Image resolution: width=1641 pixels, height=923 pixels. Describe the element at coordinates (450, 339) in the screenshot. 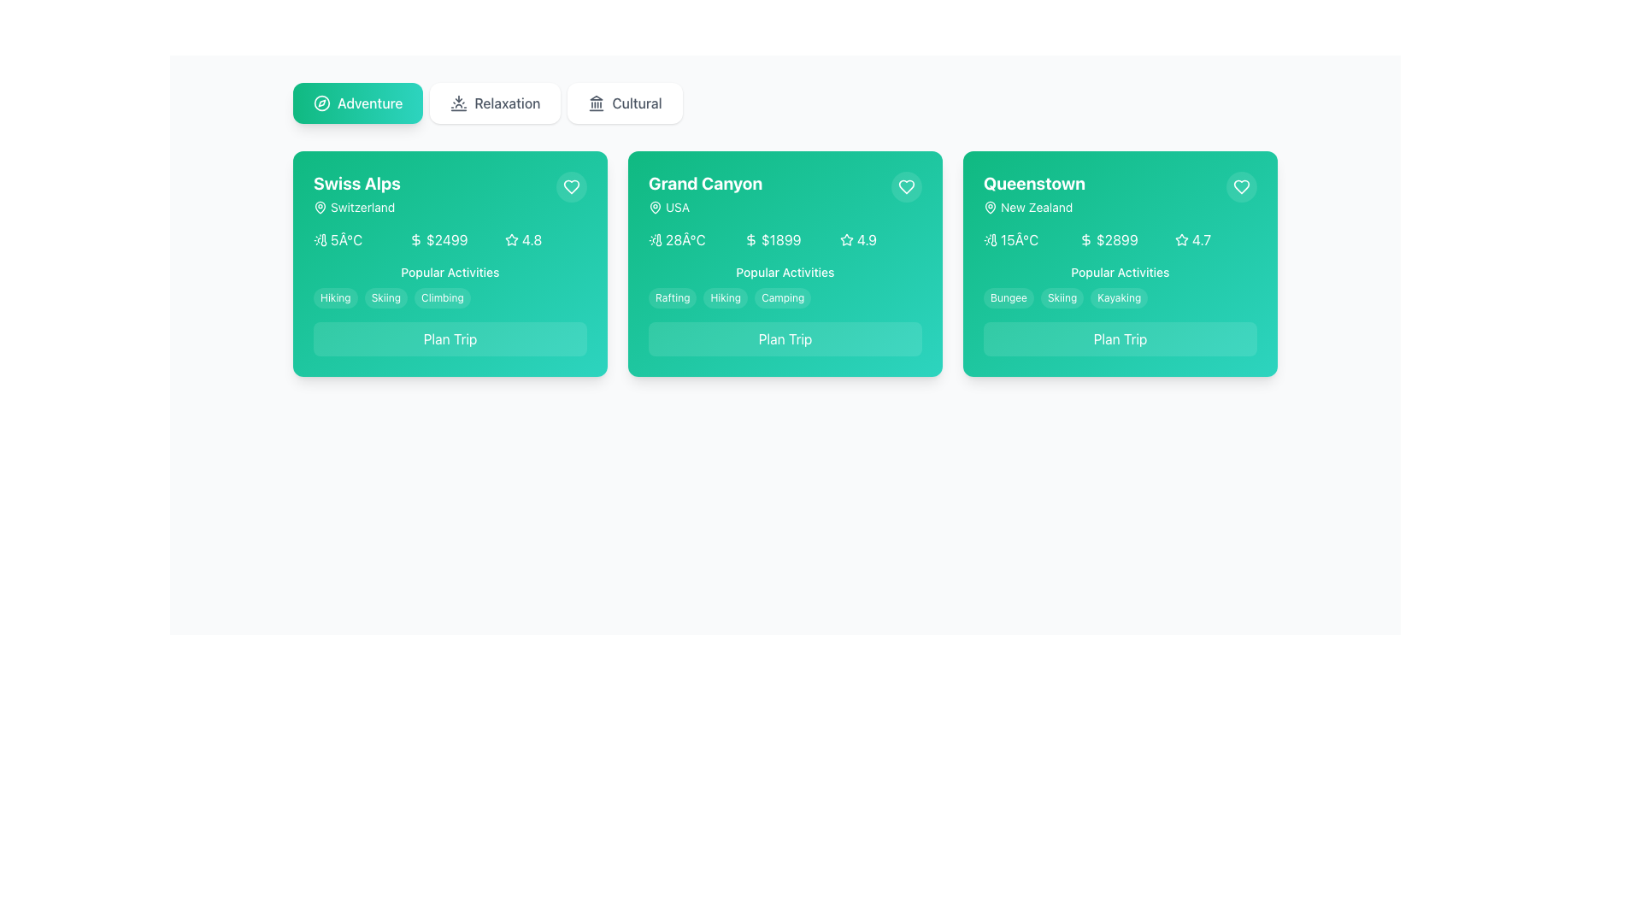

I see `the button located at the base of the Swiss Alps card on the leftmost side of the displayed travel location cards to initiate the trip planning process` at that location.